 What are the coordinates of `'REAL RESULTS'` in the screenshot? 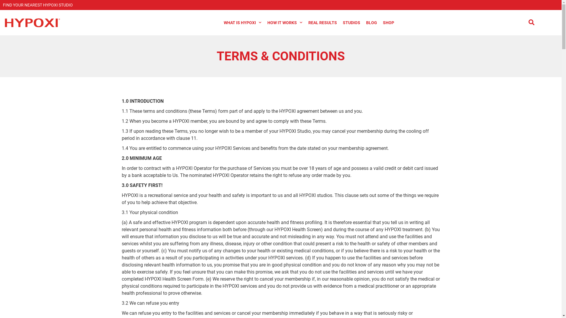 It's located at (322, 22).